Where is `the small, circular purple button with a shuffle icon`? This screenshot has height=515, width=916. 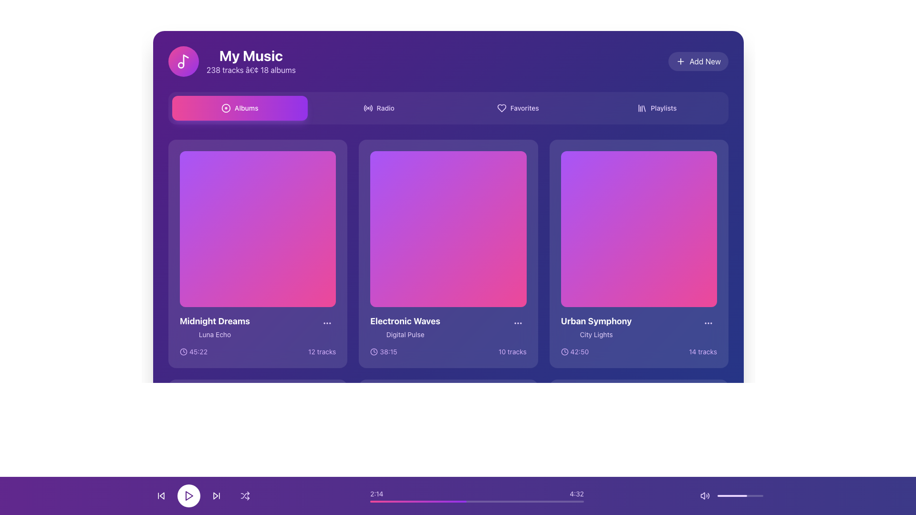 the small, circular purple button with a shuffle icon is located at coordinates (245, 495).